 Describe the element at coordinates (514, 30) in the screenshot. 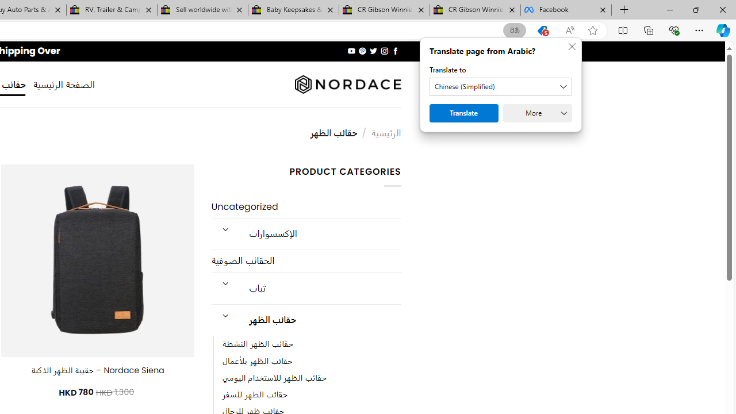

I see `'Show translate options'` at that location.